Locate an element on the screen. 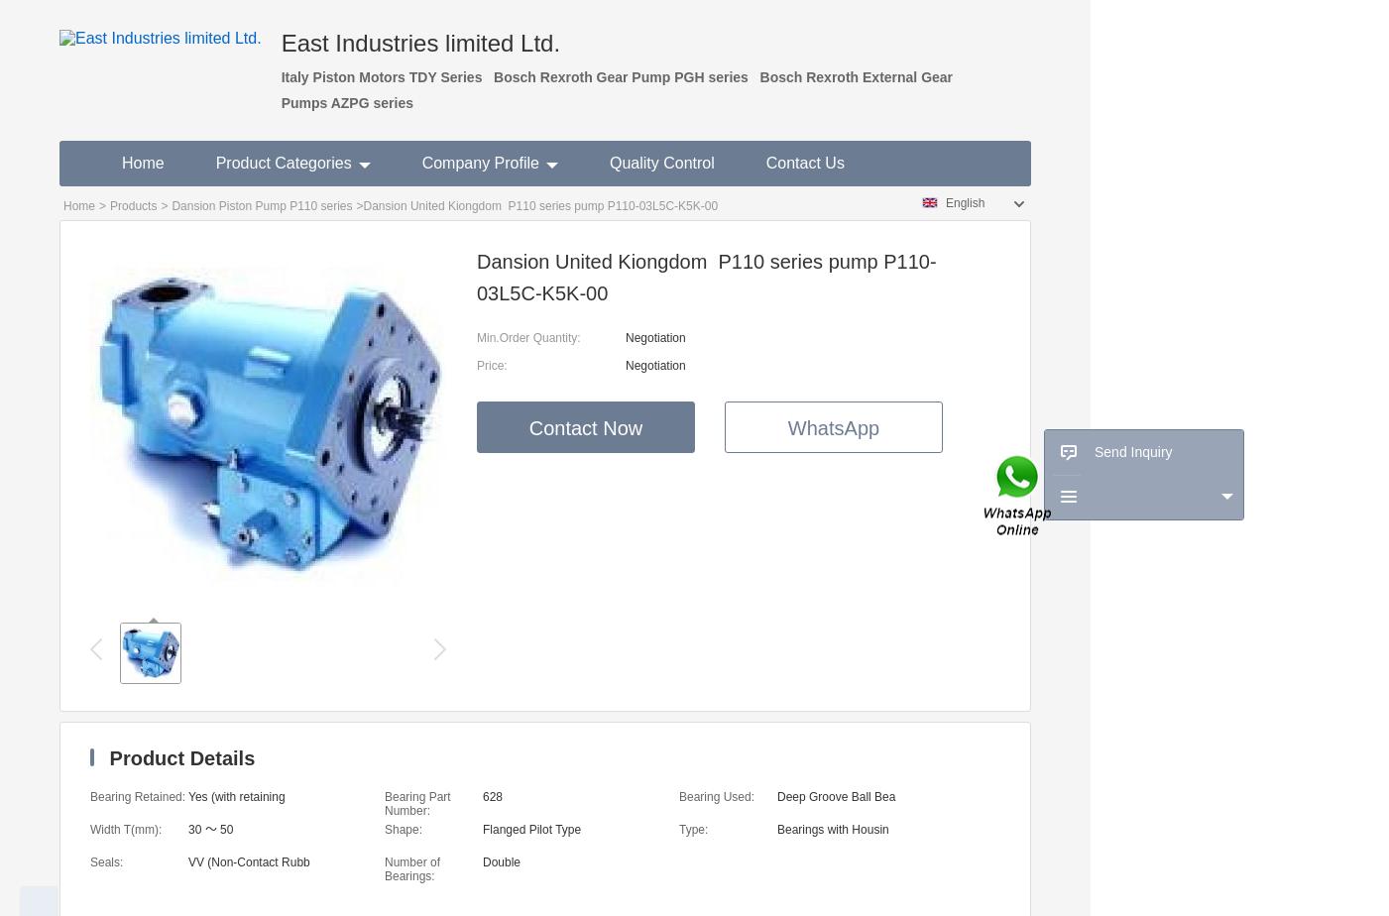 This screenshot has width=1389, height=916. 'Bosch Rexroth Gear Pump PGH series' is located at coordinates (493, 76).